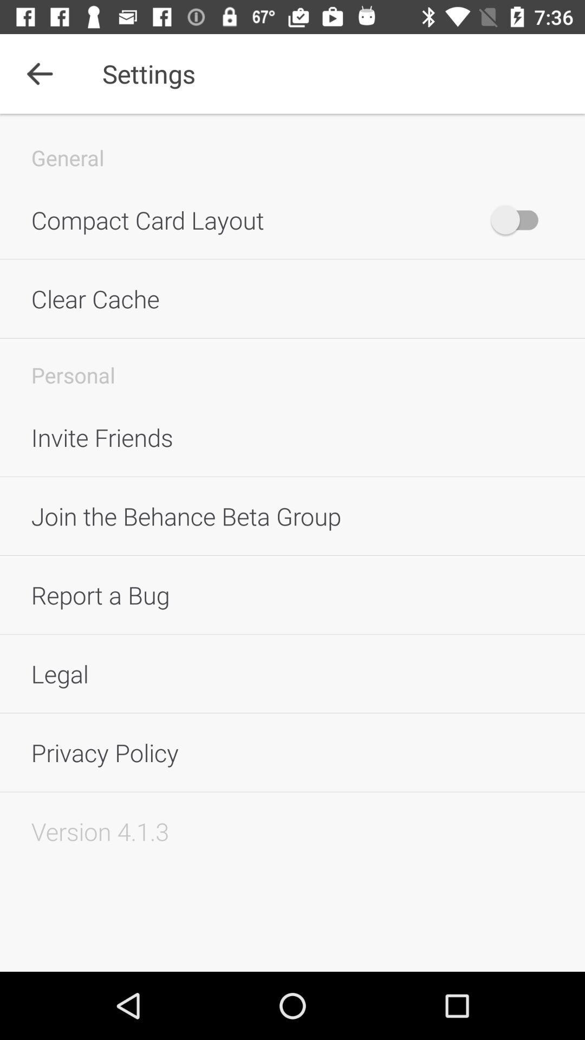  Describe the element at coordinates (292, 515) in the screenshot. I see `join the behance icon` at that location.